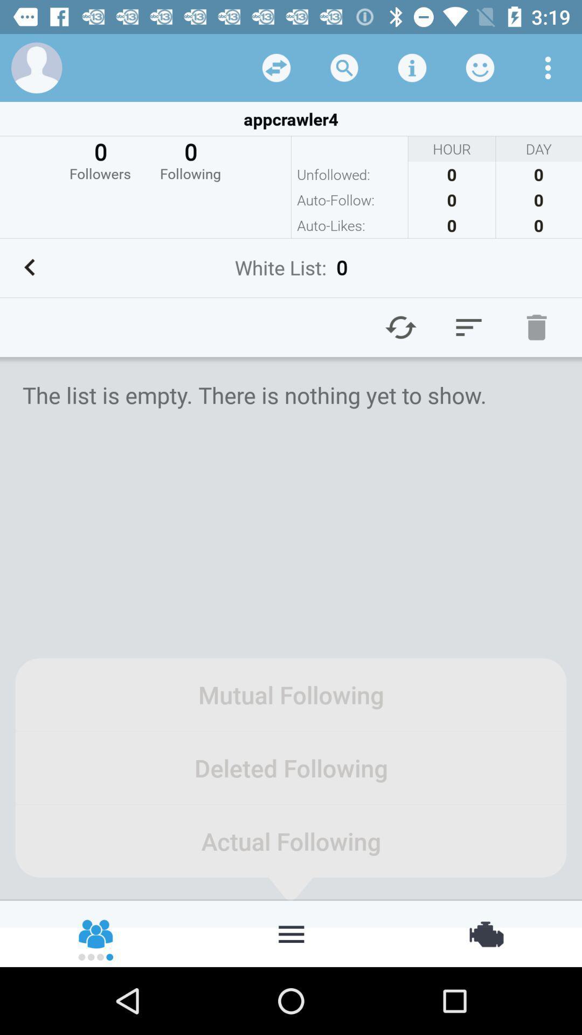  What do you see at coordinates (36, 67) in the screenshot?
I see `account` at bounding box center [36, 67].